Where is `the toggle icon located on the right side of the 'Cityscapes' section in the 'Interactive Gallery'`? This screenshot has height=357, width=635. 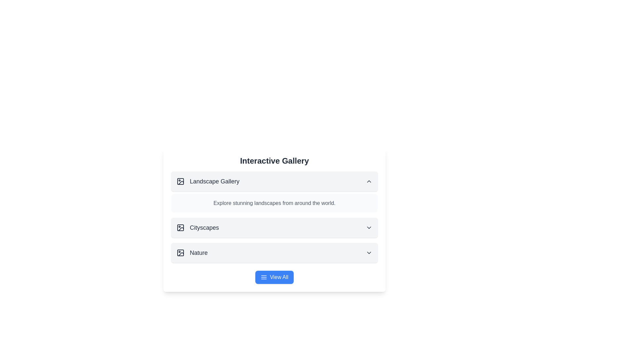
the toggle icon located on the right side of the 'Cityscapes' section in the 'Interactive Gallery' is located at coordinates (369, 227).